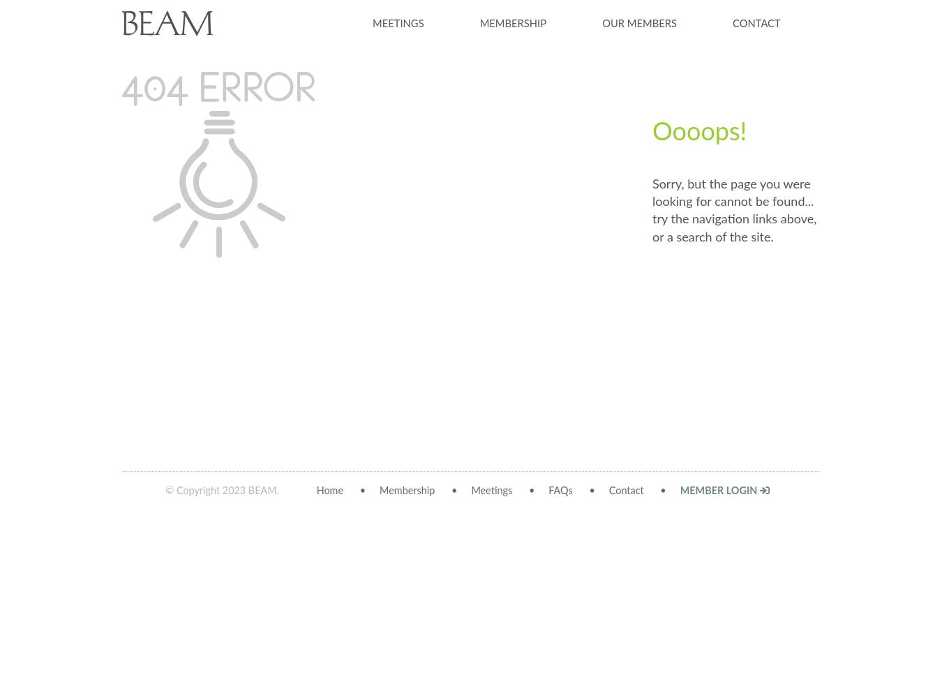 Image resolution: width=942 pixels, height=698 pixels. What do you see at coordinates (329, 490) in the screenshot?
I see `'Home'` at bounding box center [329, 490].